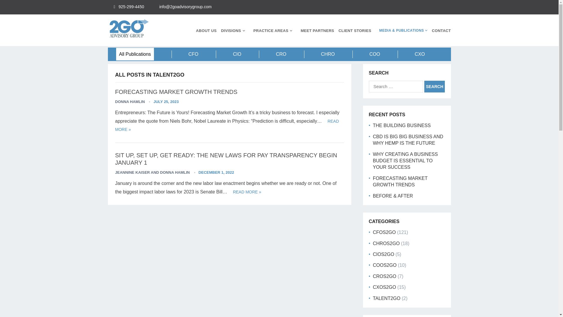 The image size is (563, 317). I want to click on 'CONTACT', so click(432, 31).